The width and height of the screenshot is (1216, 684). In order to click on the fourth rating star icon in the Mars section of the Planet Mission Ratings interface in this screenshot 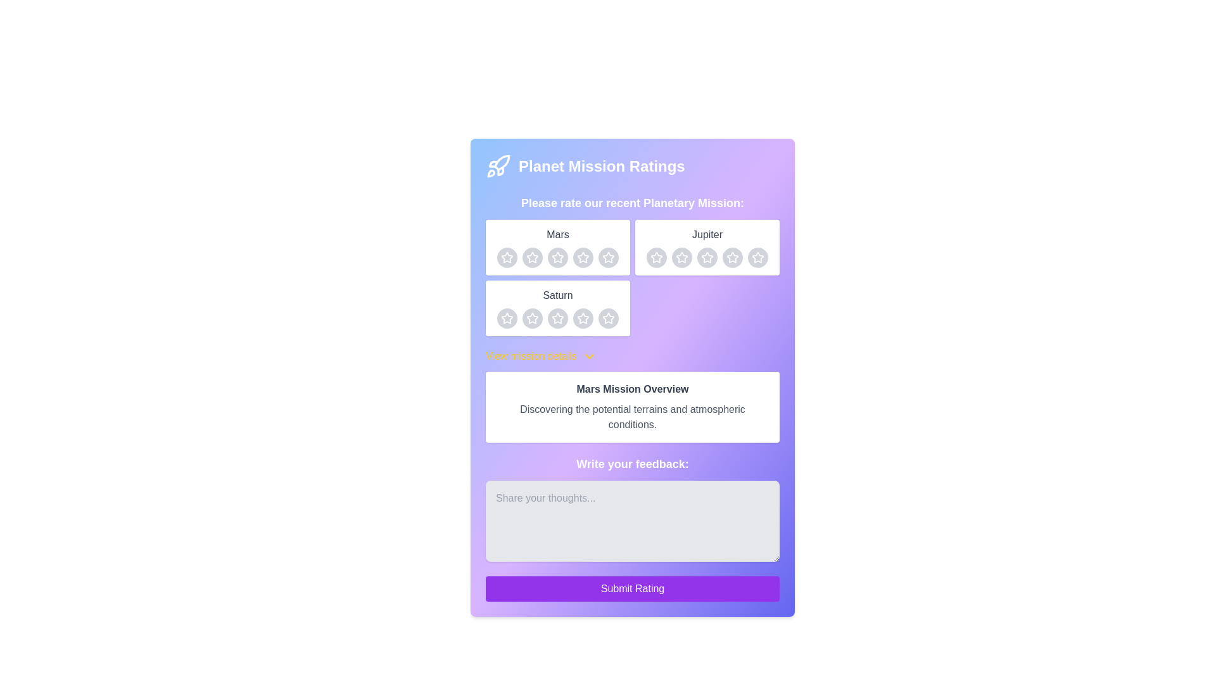, I will do `click(583, 256)`.